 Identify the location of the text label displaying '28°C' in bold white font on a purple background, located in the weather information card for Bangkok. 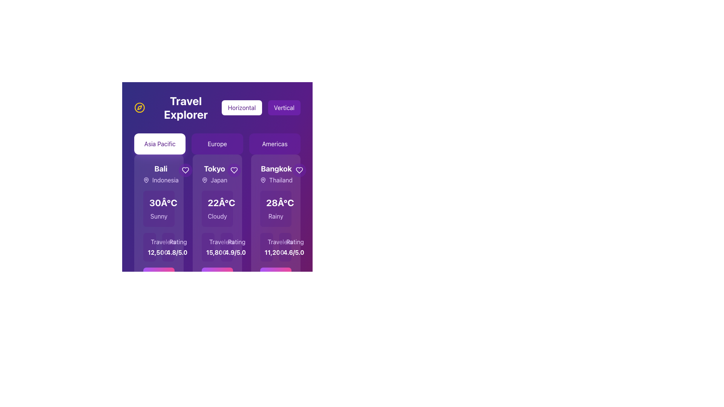
(275, 202).